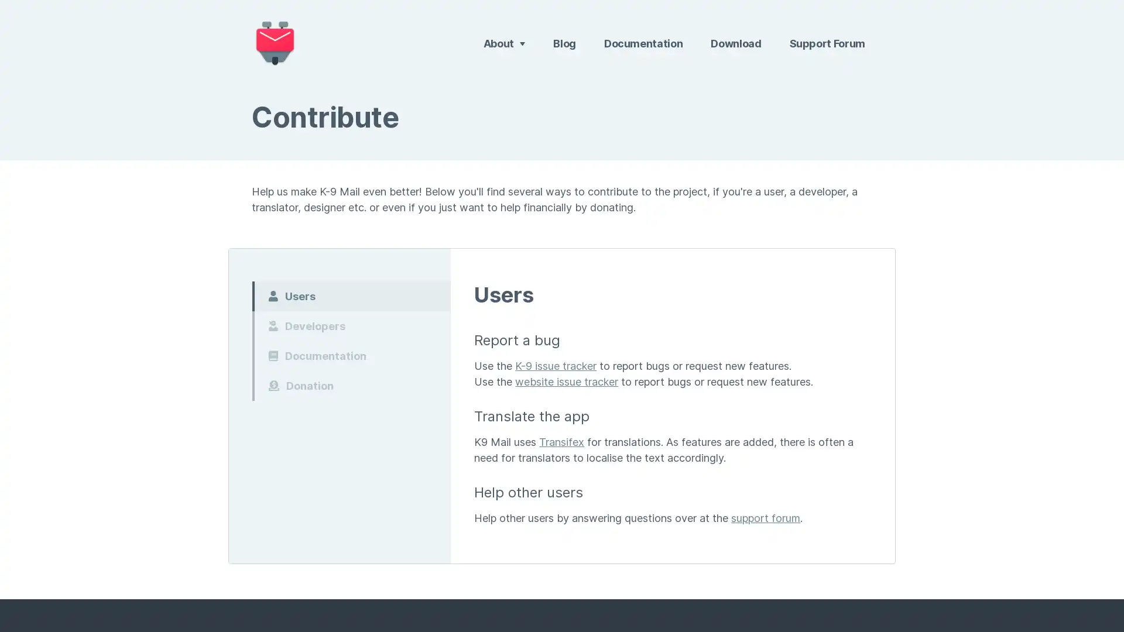 This screenshot has height=632, width=1124. I want to click on Documentation, so click(351, 355).